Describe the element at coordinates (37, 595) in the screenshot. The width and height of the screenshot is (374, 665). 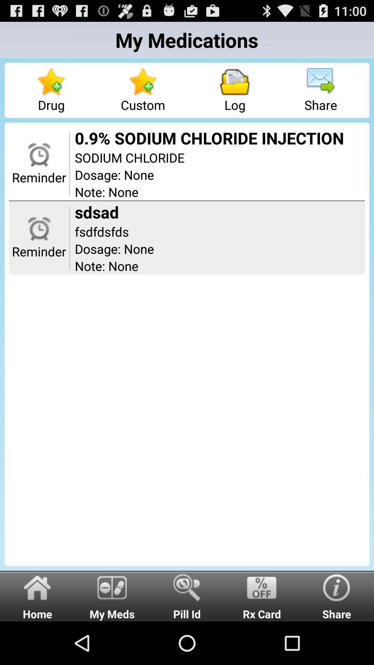
I see `home icon` at that location.